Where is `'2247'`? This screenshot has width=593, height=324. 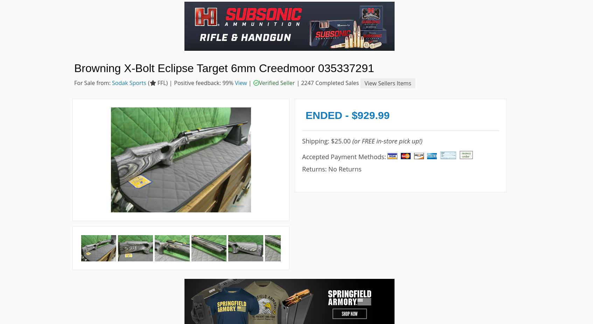 '2247' is located at coordinates (307, 83).